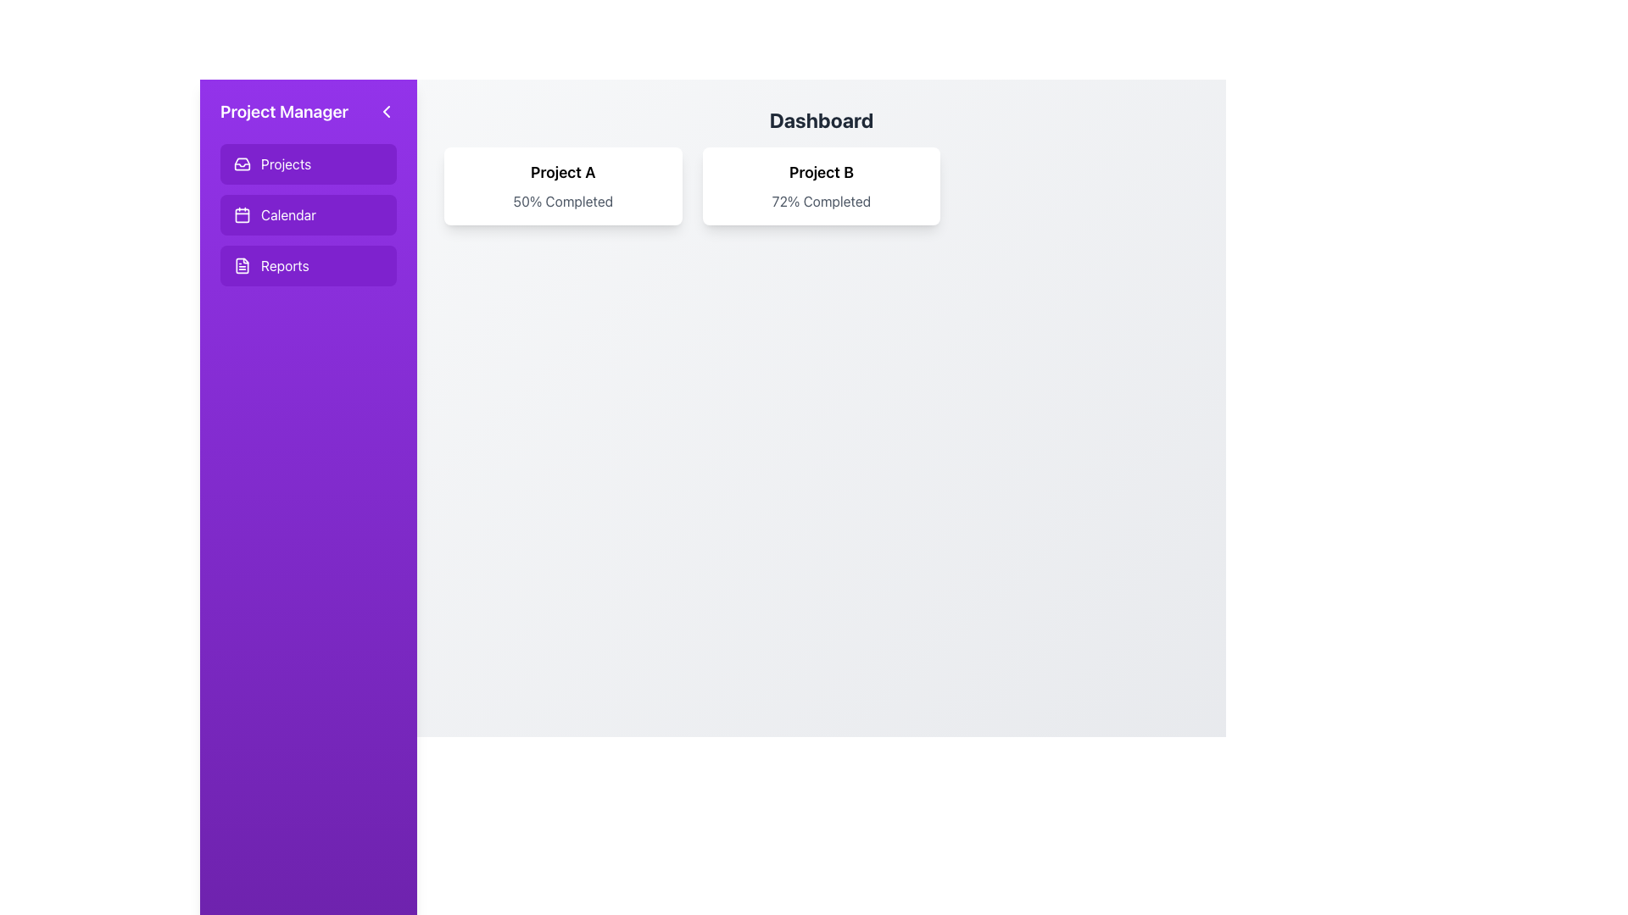 The image size is (1628, 915). What do you see at coordinates (386, 111) in the screenshot?
I see `the left-pointing chevron icon located in the purple sidebar section at the top right corner, just below the 'Project Manager' label` at bounding box center [386, 111].